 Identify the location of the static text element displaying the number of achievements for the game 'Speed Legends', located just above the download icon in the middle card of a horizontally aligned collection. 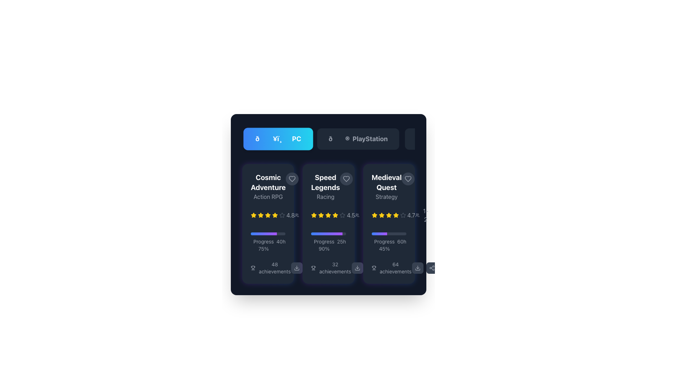
(331, 268).